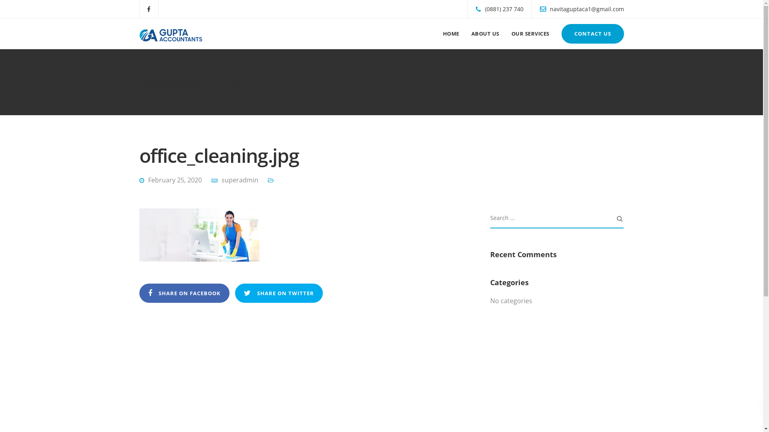 This screenshot has height=432, width=769. What do you see at coordinates (139, 293) in the screenshot?
I see `'SHARE ON FACEBOOK'` at bounding box center [139, 293].